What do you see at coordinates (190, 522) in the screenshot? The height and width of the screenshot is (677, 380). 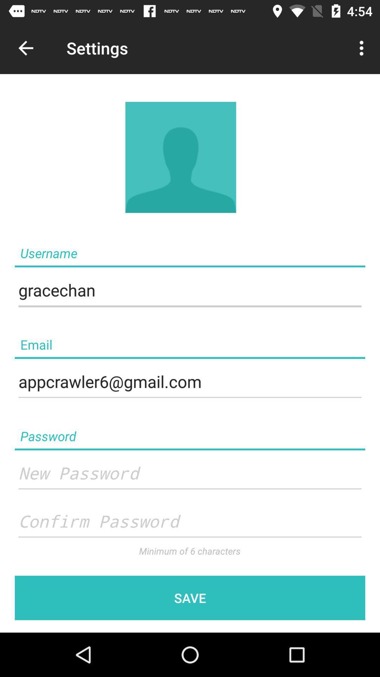 I see `text field which is above minimum of 6 characters on the page` at bounding box center [190, 522].